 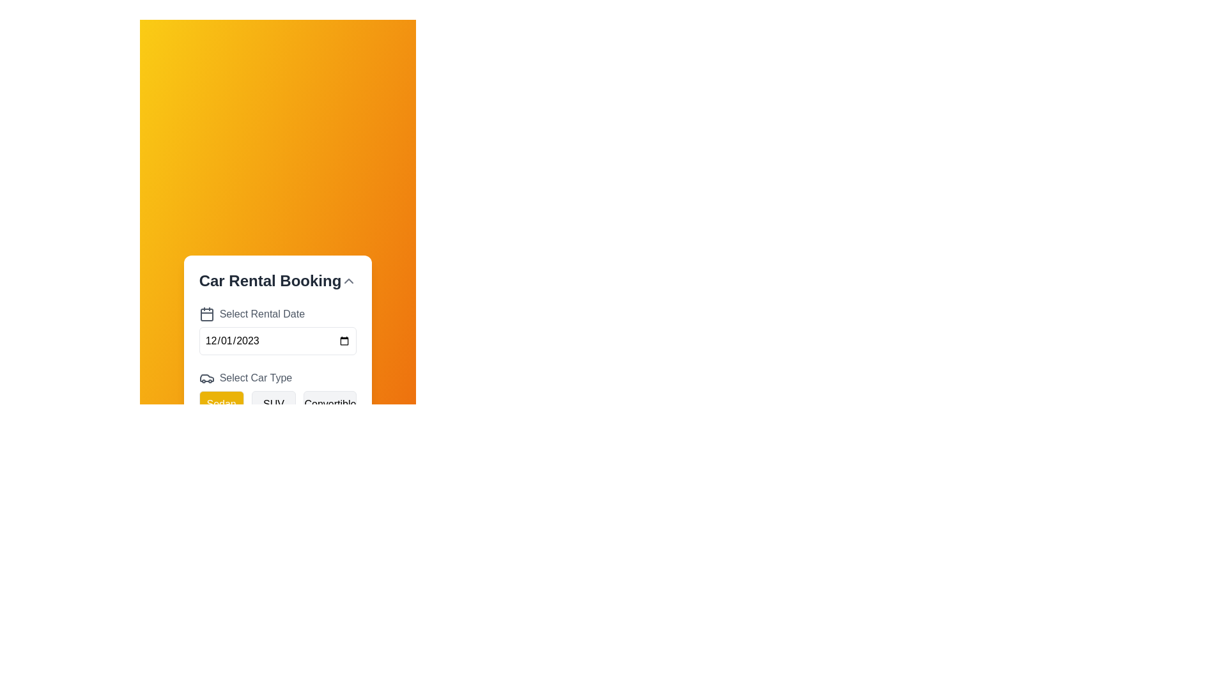 I want to click on the icon located to the left of the 'Select Car Type' label in the car selection interface of the car rental booking form, so click(x=206, y=377).